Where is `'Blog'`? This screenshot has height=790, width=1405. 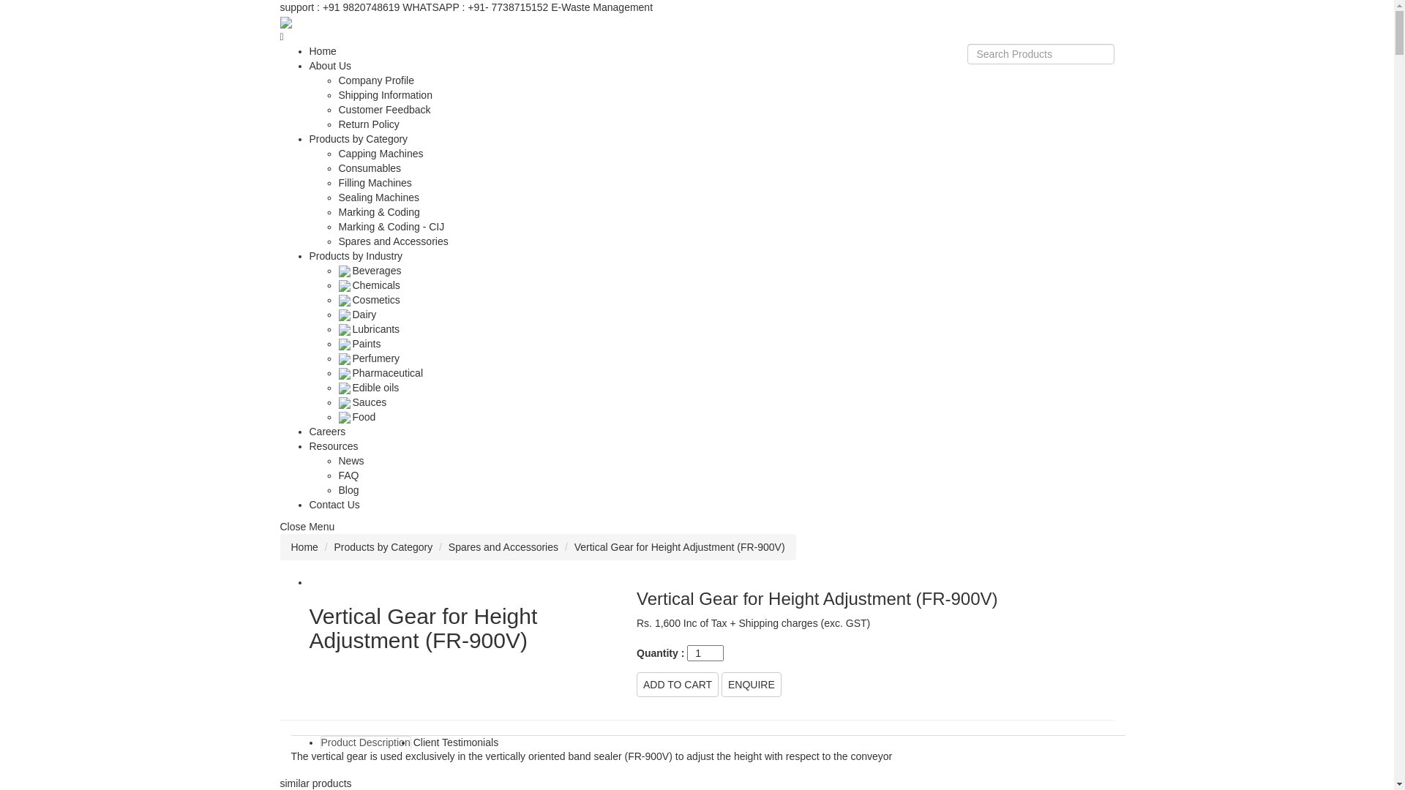
'Blog' is located at coordinates (337, 490).